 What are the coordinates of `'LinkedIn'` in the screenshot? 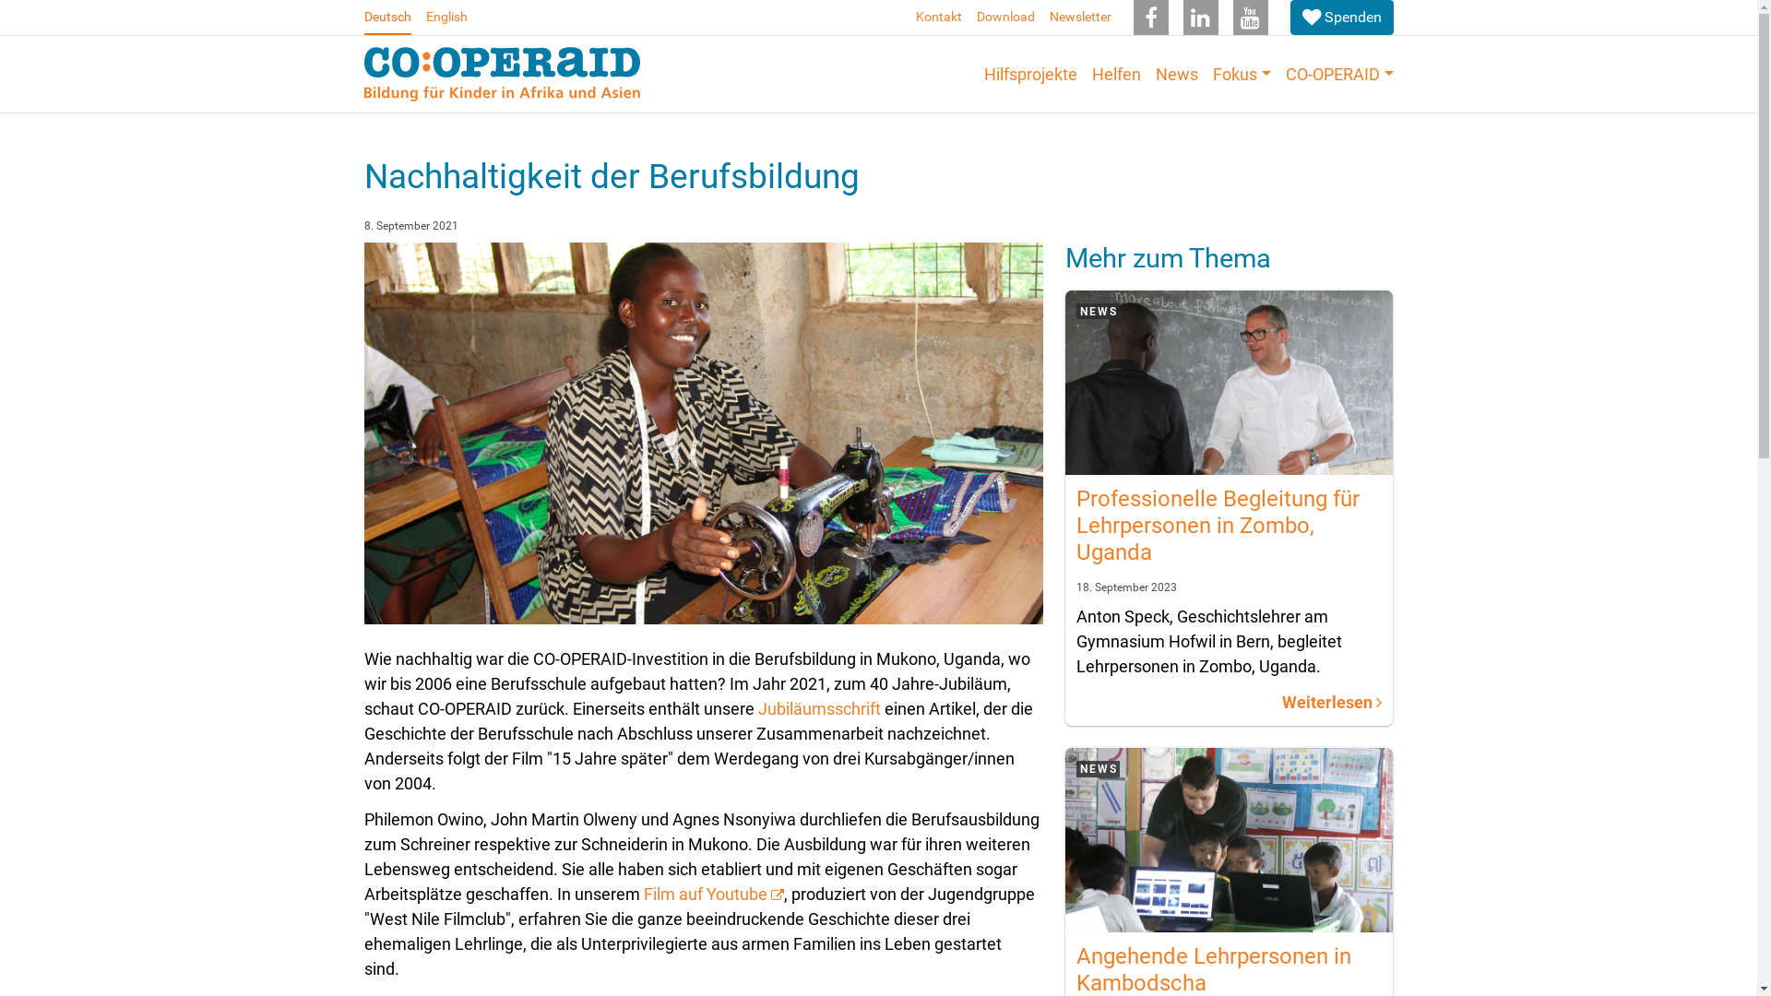 It's located at (1199, 18).